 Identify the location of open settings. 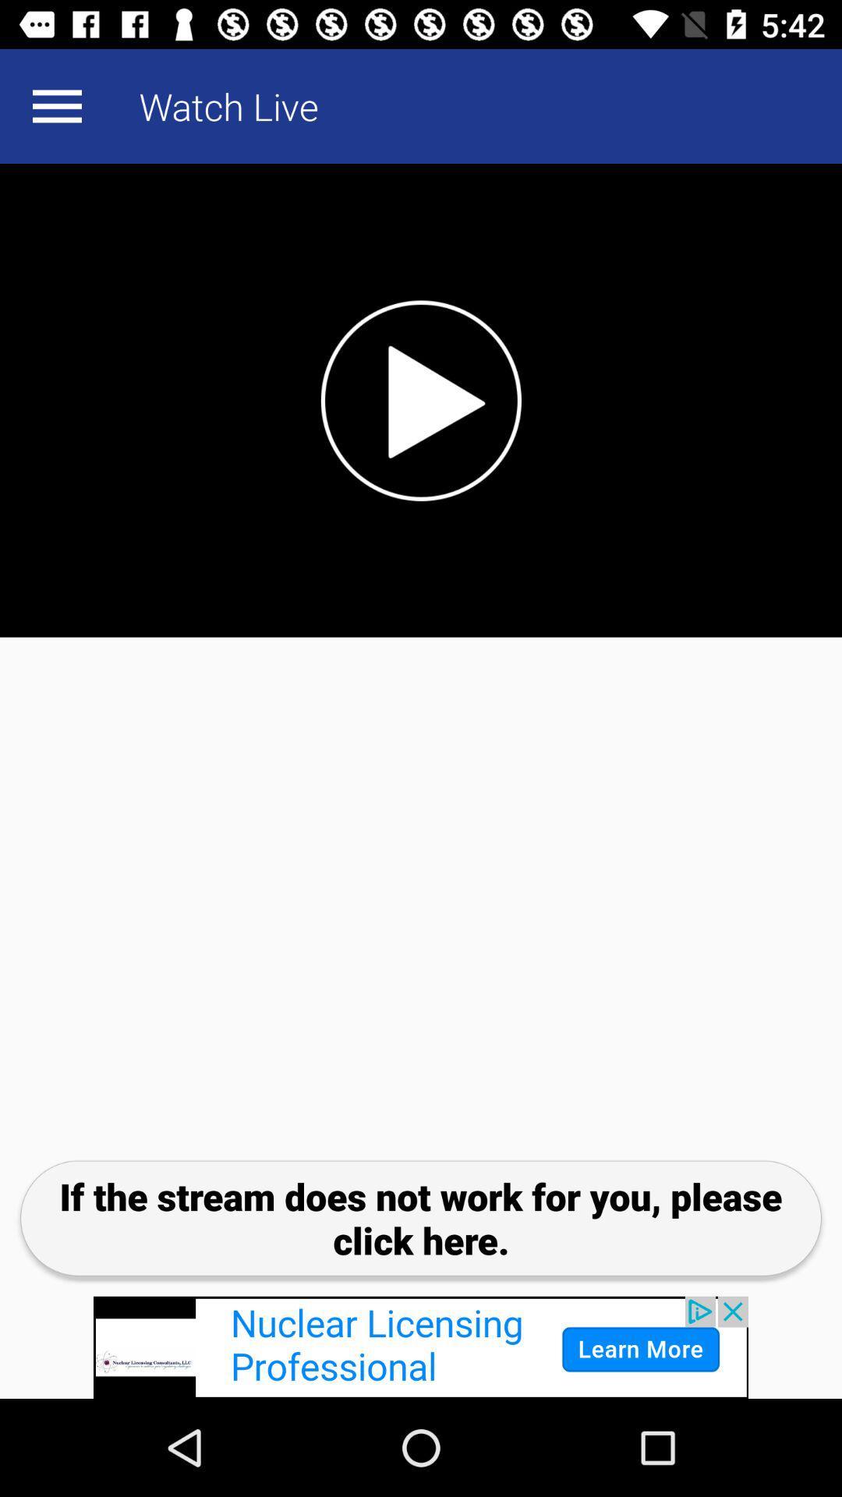
(56, 105).